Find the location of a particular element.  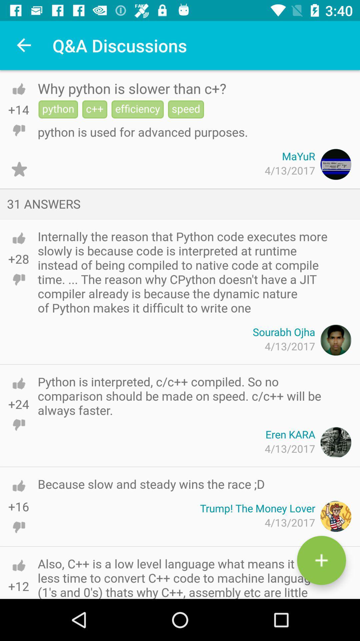

he can activate the simple voice command is located at coordinates (321, 560).